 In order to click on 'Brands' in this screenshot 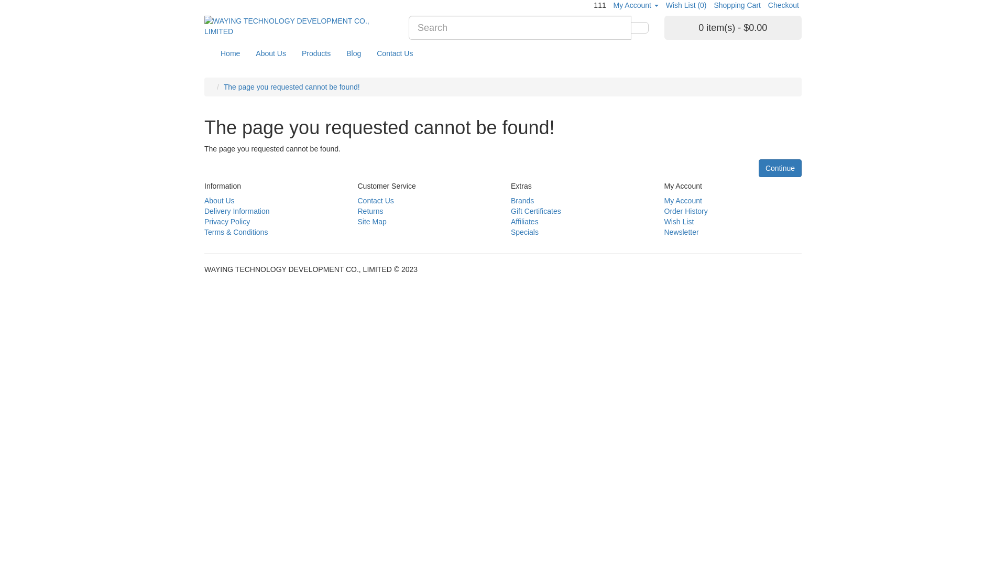, I will do `click(522, 200)`.